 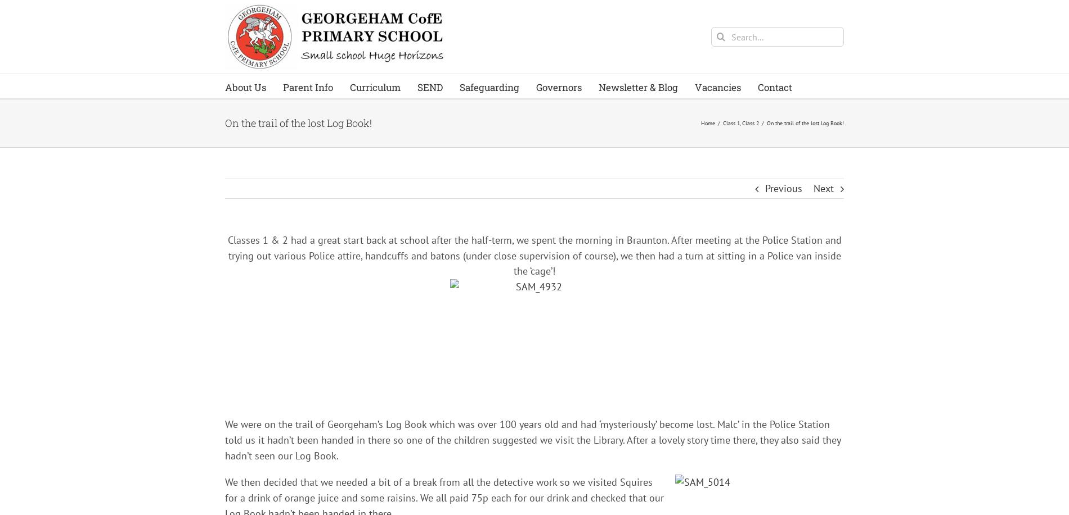 What do you see at coordinates (774, 86) in the screenshot?
I see `'Contact'` at bounding box center [774, 86].